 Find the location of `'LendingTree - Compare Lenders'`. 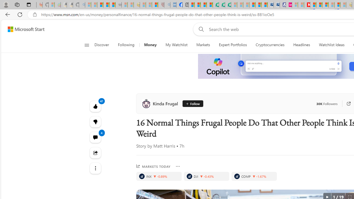

'LendingTree - Compare Lenders' is located at coordinates (215, 5).